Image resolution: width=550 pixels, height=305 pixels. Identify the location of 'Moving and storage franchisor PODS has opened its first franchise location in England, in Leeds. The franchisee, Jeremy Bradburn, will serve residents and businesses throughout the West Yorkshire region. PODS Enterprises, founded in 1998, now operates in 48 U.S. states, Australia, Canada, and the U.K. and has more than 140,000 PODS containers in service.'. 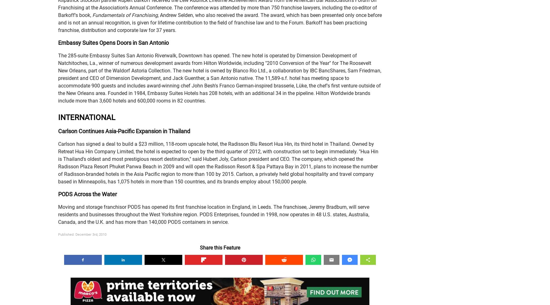
(58, 214).